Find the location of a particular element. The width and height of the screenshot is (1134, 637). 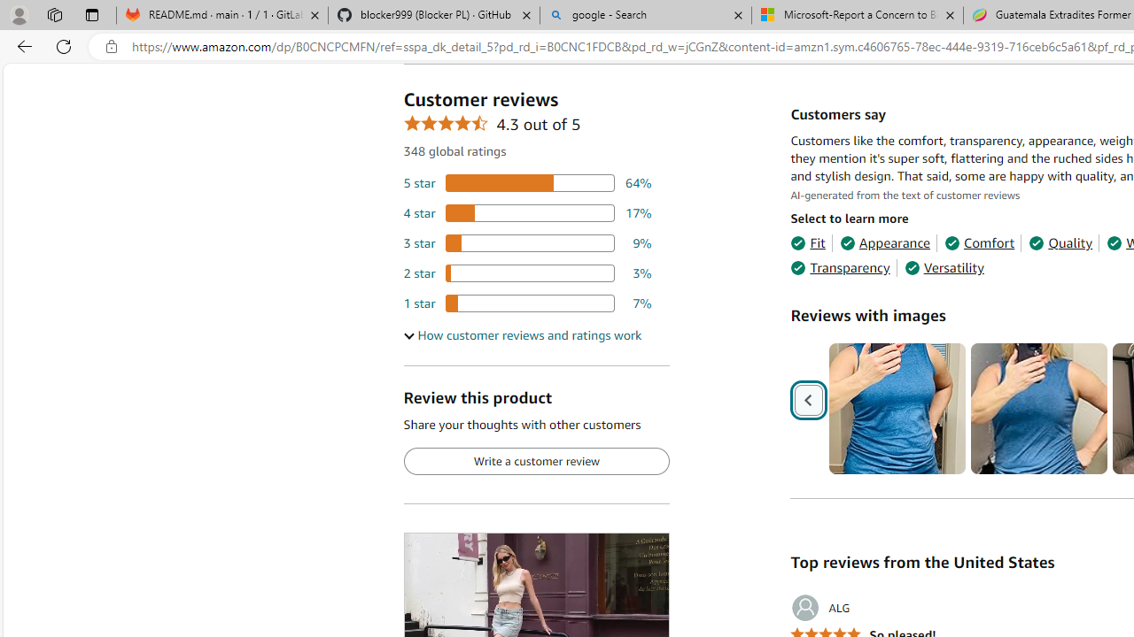

'Comfort' is located at coordinates (978, 243).